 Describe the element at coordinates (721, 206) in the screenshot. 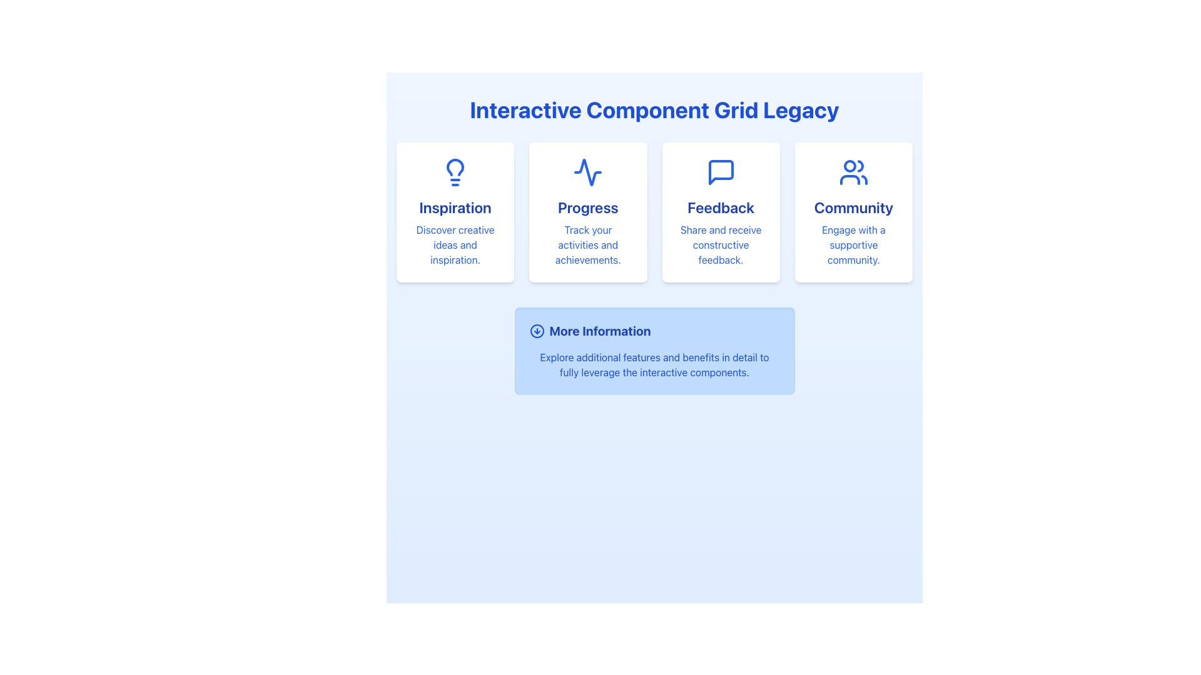

I see `the text label that serves as a heading for the feedback section, located below a speech bubble icon and above the description text` at that location.